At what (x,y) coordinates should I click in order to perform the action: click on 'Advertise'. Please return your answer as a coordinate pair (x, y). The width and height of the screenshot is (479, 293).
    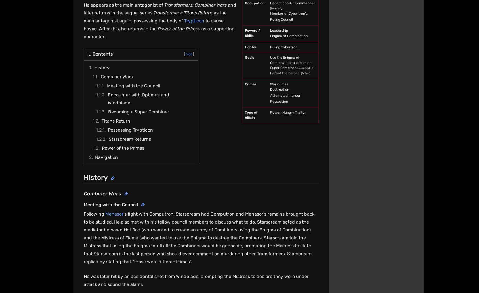
    Looking at the image, I should click on (261, 212).